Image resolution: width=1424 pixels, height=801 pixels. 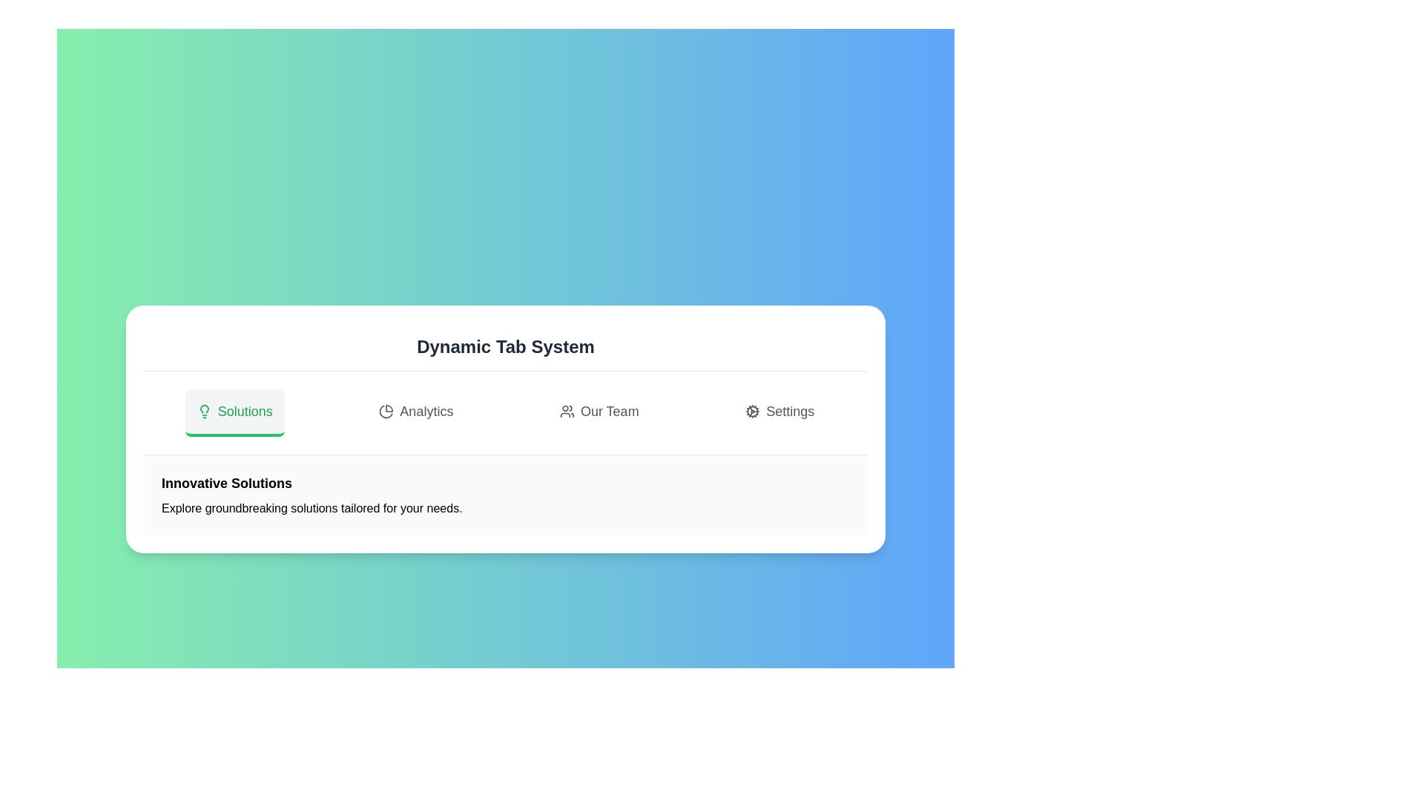 What do you see at coordinates (234, 412) in the screenshot?
I see `the first navigation tab located to the left of the 'Analytics' tab` at bounding box center [234, 412].